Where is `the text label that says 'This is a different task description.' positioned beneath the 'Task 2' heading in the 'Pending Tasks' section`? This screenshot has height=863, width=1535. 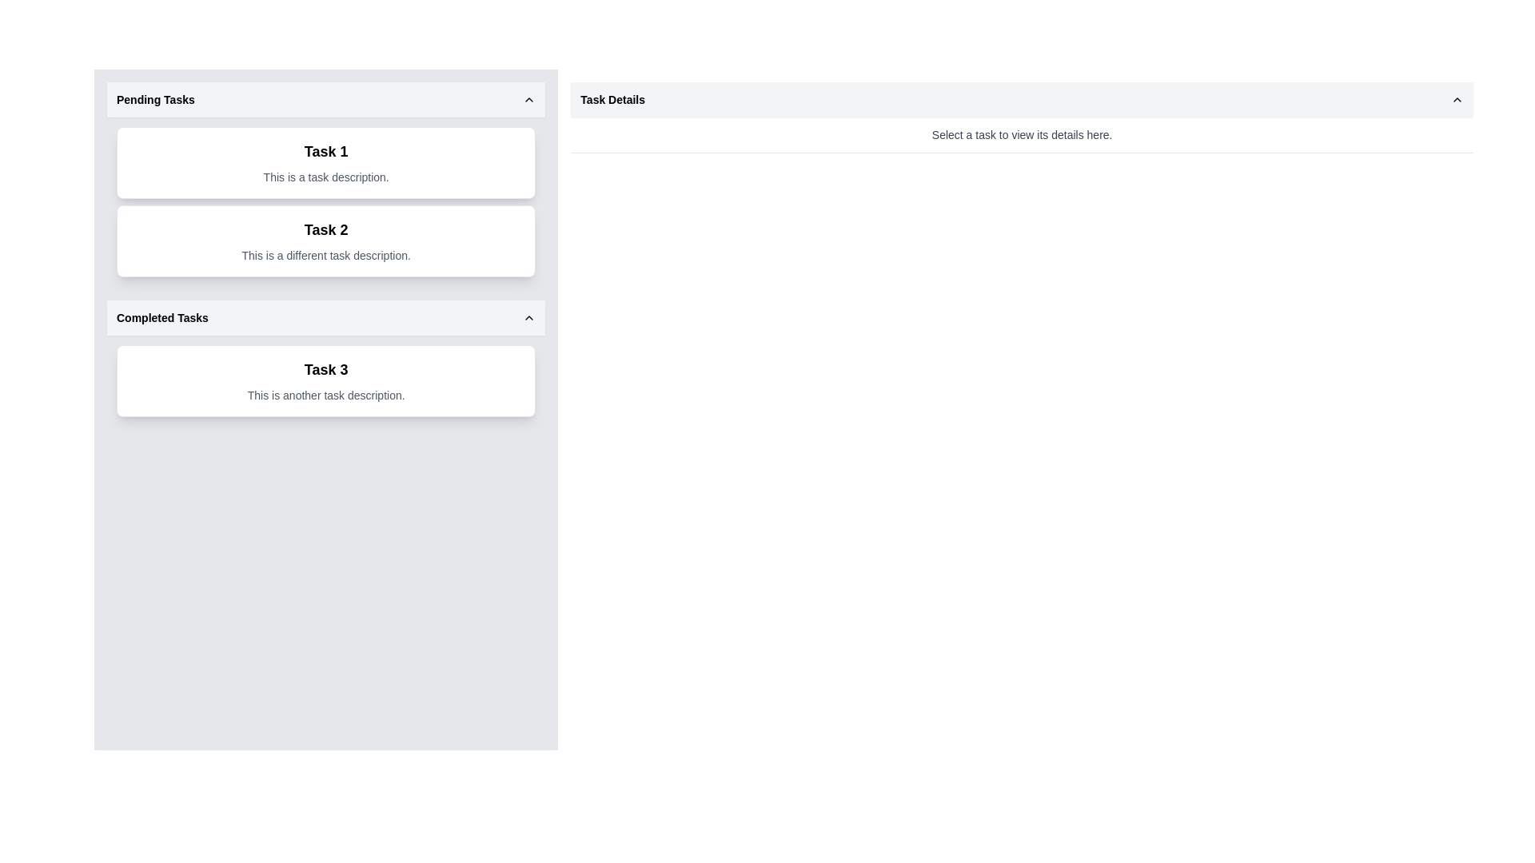
the text label that says 'This is a different task description.' positioned beneath the 'Task 2' heading in the 'Pending Tasks' section is located at coordinates (325, 255).